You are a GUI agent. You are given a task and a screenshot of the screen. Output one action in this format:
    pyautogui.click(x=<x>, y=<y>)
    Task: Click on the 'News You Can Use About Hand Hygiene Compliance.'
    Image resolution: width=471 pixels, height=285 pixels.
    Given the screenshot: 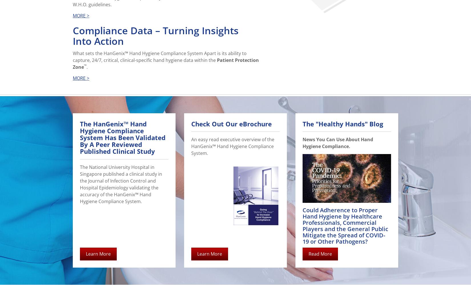 What is the action you would take?
    pyautogui.click(x=338, y=142)
    